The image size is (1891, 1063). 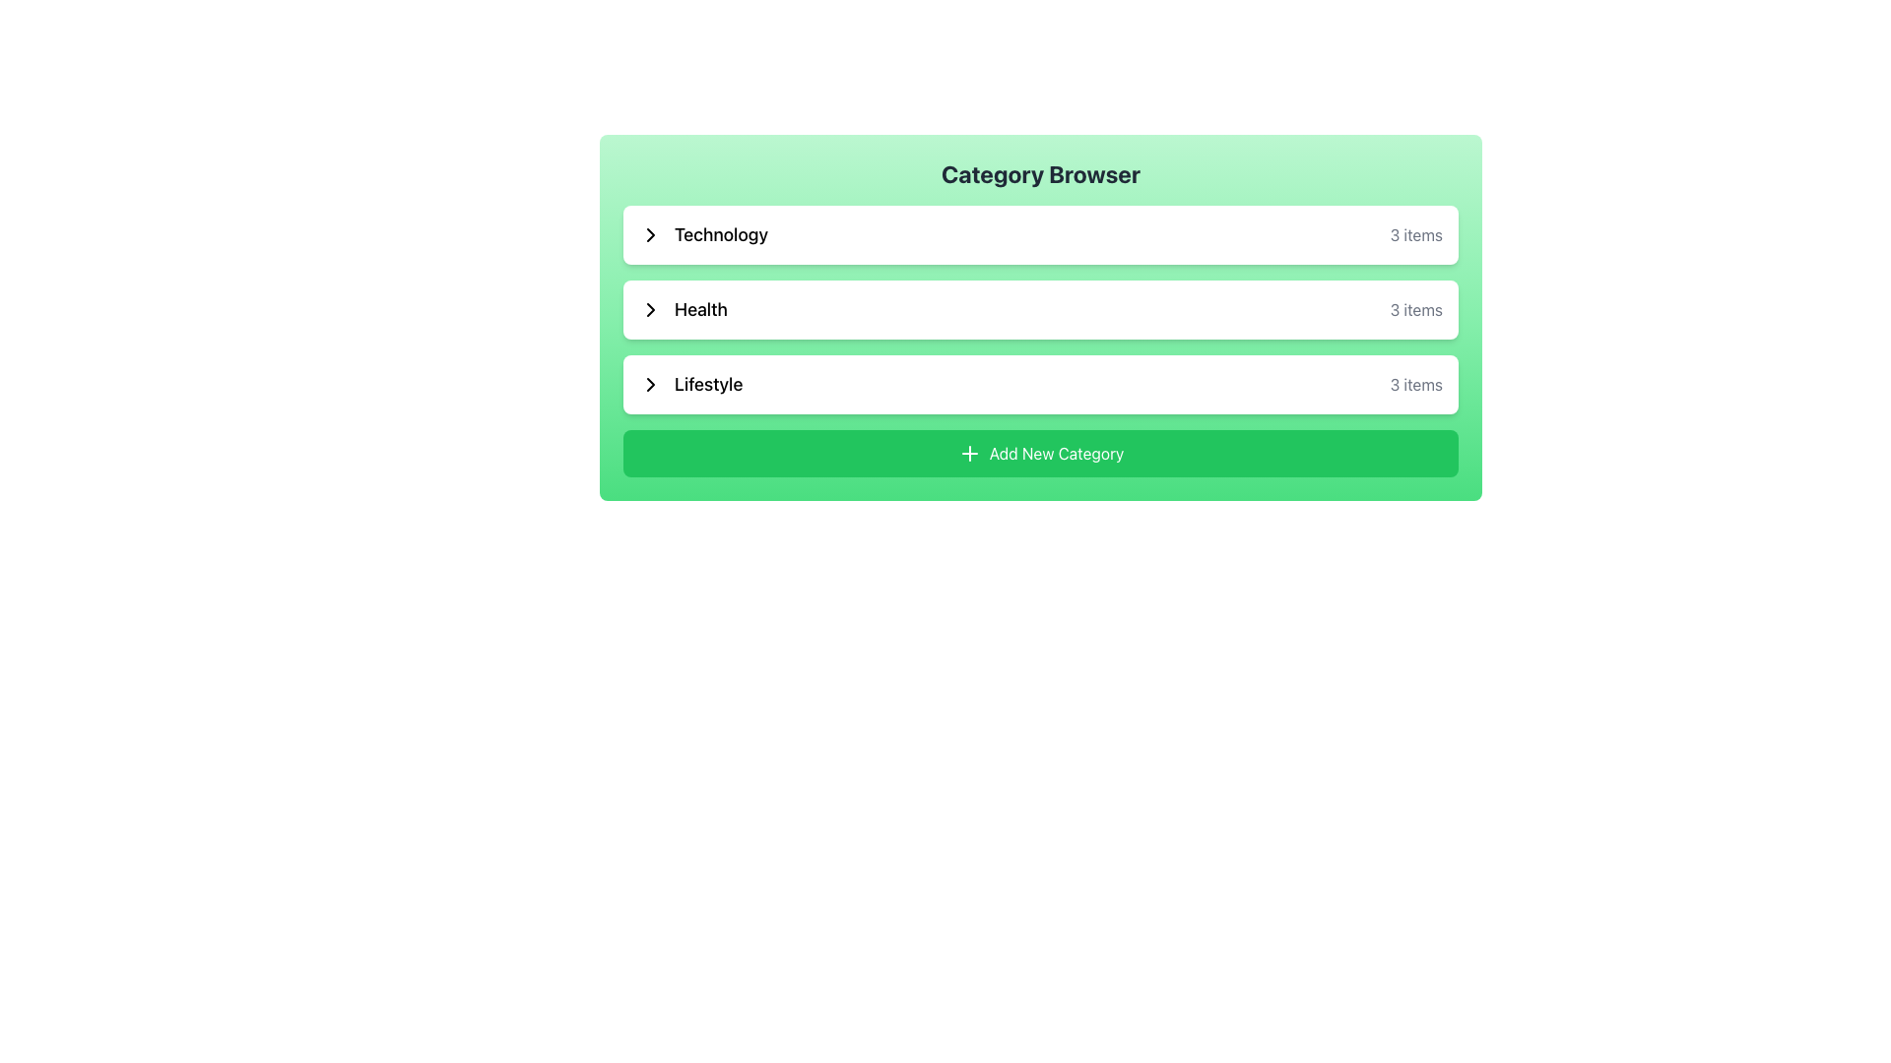 I want to click on the chevron right icon, which is a small arrow indicating navigation or expansion, located in the third row of the list under the 'Lifestyle' category, so click(x=651, y=384).